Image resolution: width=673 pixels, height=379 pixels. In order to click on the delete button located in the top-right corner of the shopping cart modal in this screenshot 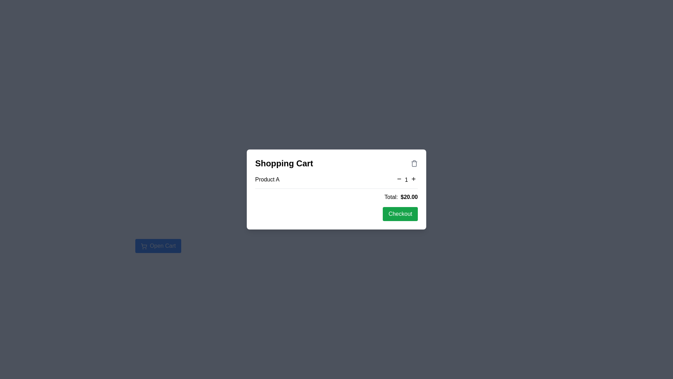, I will do `click(414, 164)`.